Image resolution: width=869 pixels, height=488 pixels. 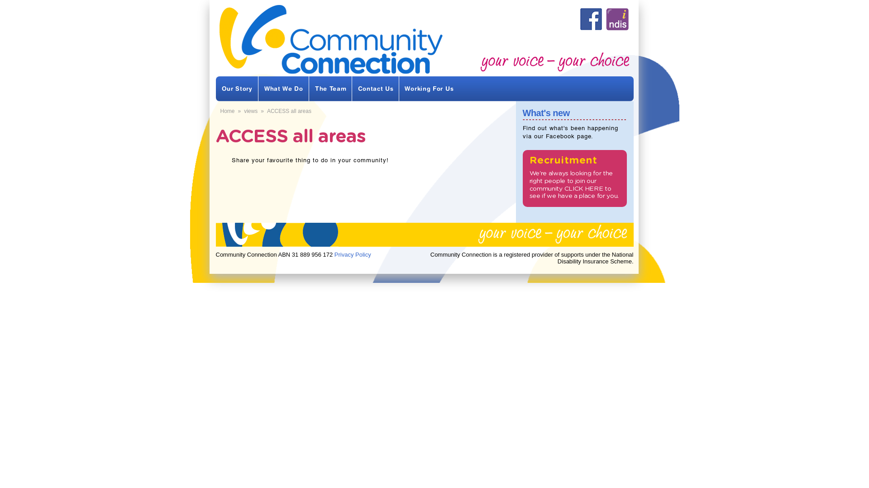 What do you see at coordinates (216, 87) in the screenshot?
I see `'Our Story'` at bounding box center [216, 87].